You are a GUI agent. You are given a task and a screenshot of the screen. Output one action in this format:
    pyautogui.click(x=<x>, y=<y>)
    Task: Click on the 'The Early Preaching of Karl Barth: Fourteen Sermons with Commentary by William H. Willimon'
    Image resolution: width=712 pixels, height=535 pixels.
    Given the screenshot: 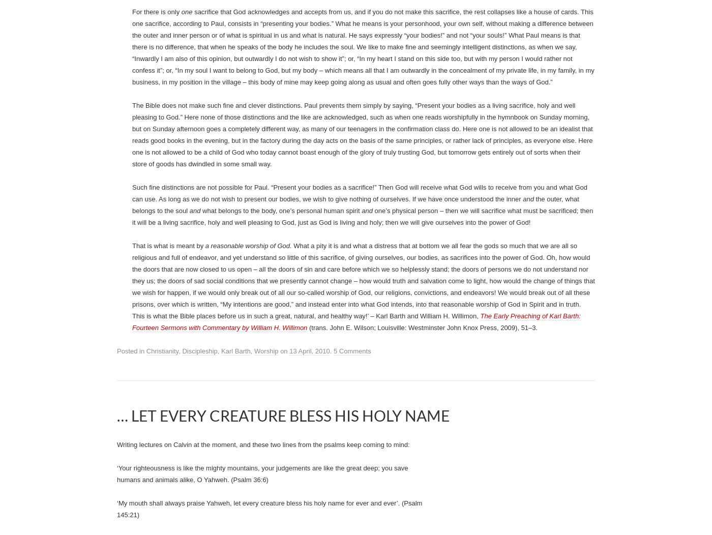 What is the action you would take?
    pyautogui.click(x=337, y=151)
    